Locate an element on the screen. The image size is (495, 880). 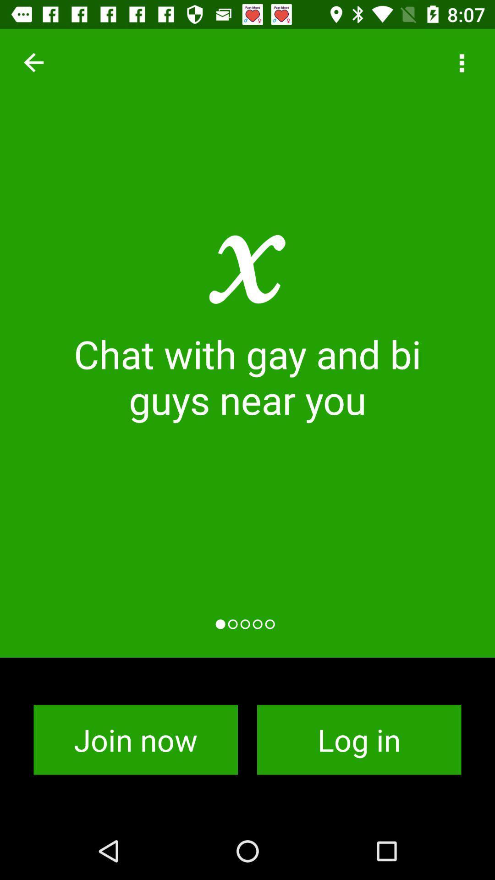
the join now icon is located at coordinates (136, 740).